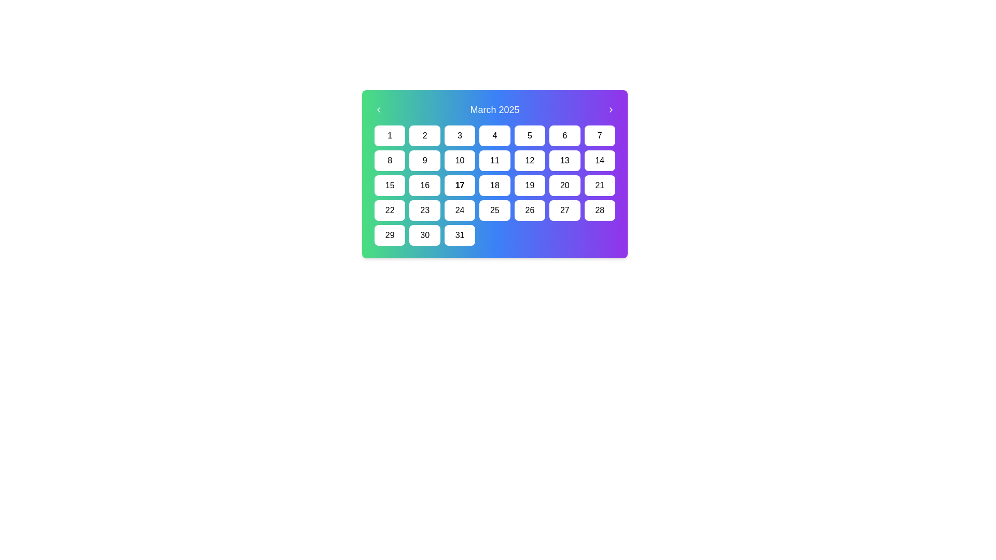  What do you see at coordinates (425, 210) in the screenshot?
I see `the rectangular button with a white background and black text displaying '23'` at bounding box center [425, 210].